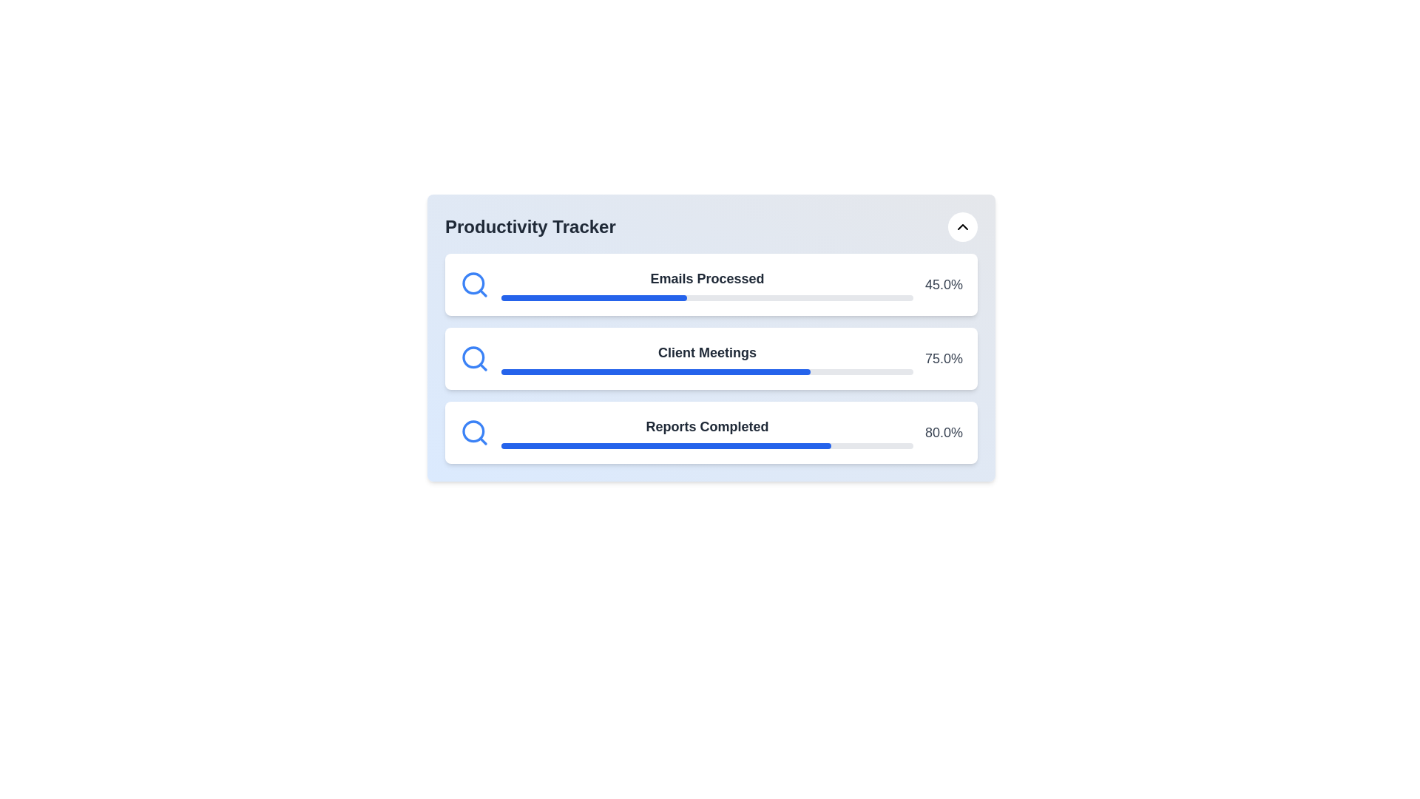 This screenshot has width=1420, height=799. I want to click on the central circle of the magnifying glass icon, which is part of the 'Reports Completed' section in the third row of the interface, so click(473, 431).